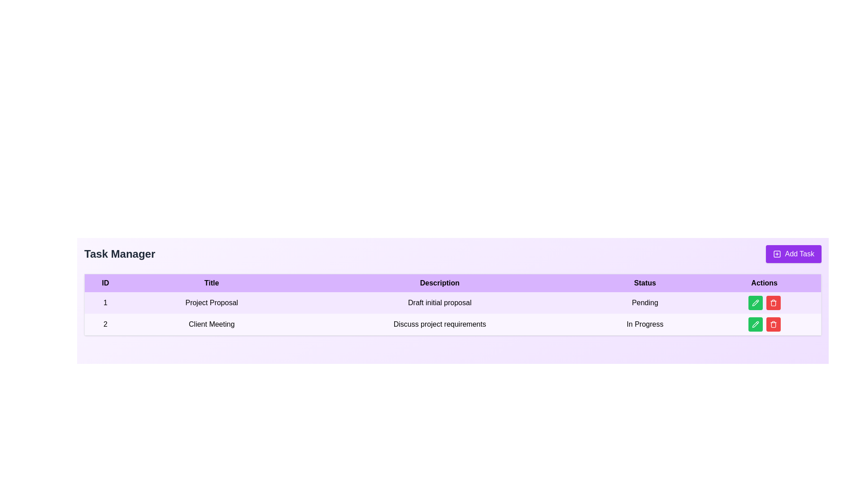 This screenshot has width=861, height=484. What do you see at coordinates (105, 283) in the screenshot?
I see `the static text label 'ID' in the header row of the table, which is styled with black bold text on a lavender background` at bounding box center [105, 283].